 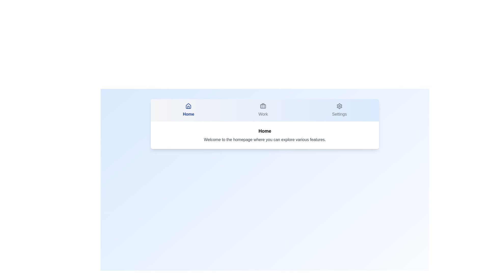 I want to click on the Work tab to switch views, so click(x=263, y=110).